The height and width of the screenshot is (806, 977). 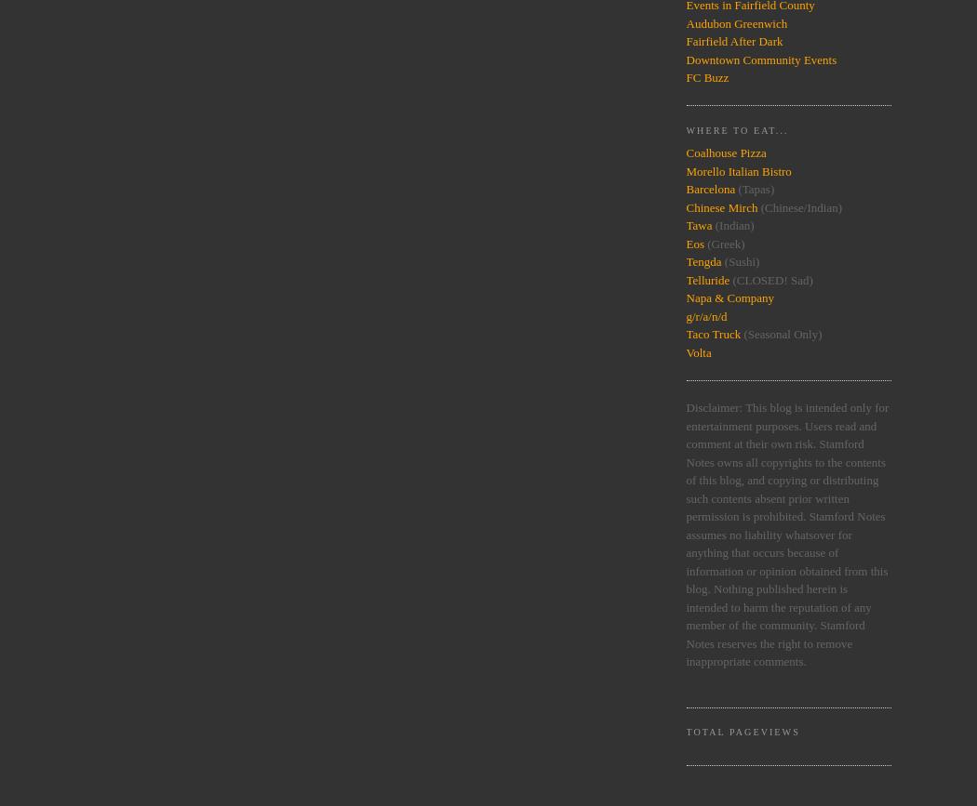 I want to click on 'g/r/a/n/d', so click(x=684, y=315).